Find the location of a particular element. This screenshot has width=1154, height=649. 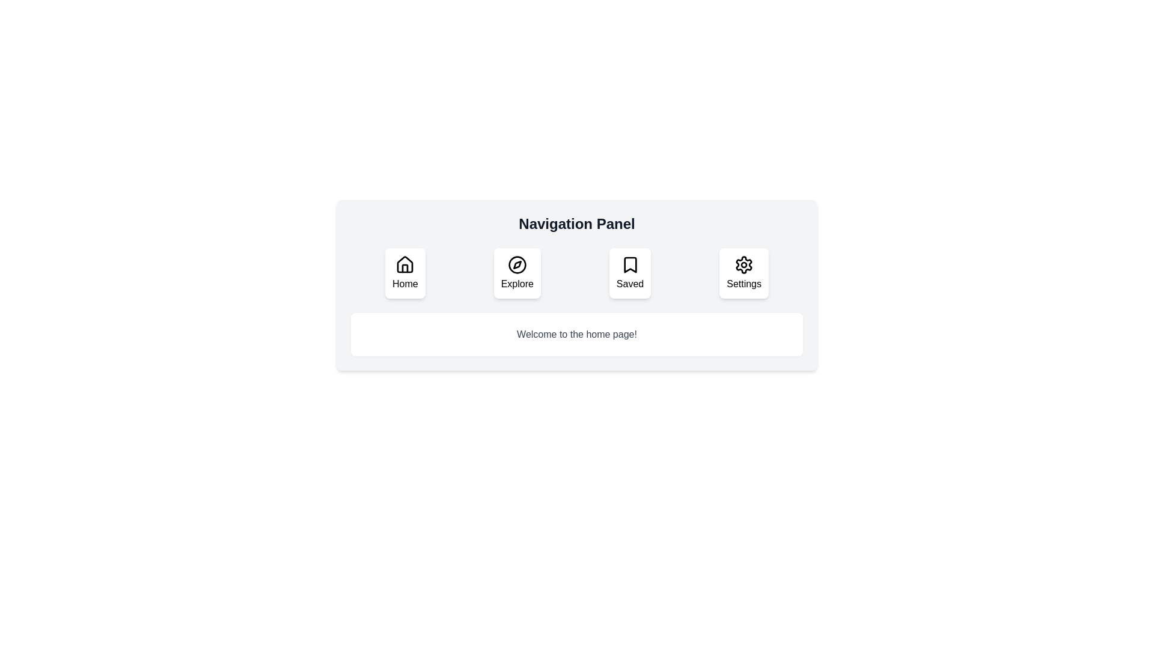

the gear-like icon located within the 'Settings' button in the lower-left region of the navigation panel is located at coordinates (743, 264).